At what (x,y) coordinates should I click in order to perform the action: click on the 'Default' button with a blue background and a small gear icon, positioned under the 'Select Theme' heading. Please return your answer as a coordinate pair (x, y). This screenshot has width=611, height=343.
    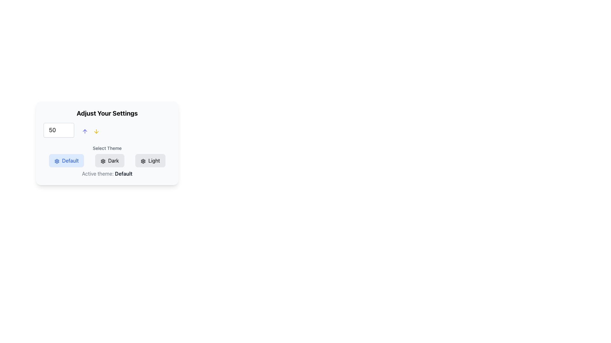
    Looking at the image, I should click on (67, 160).